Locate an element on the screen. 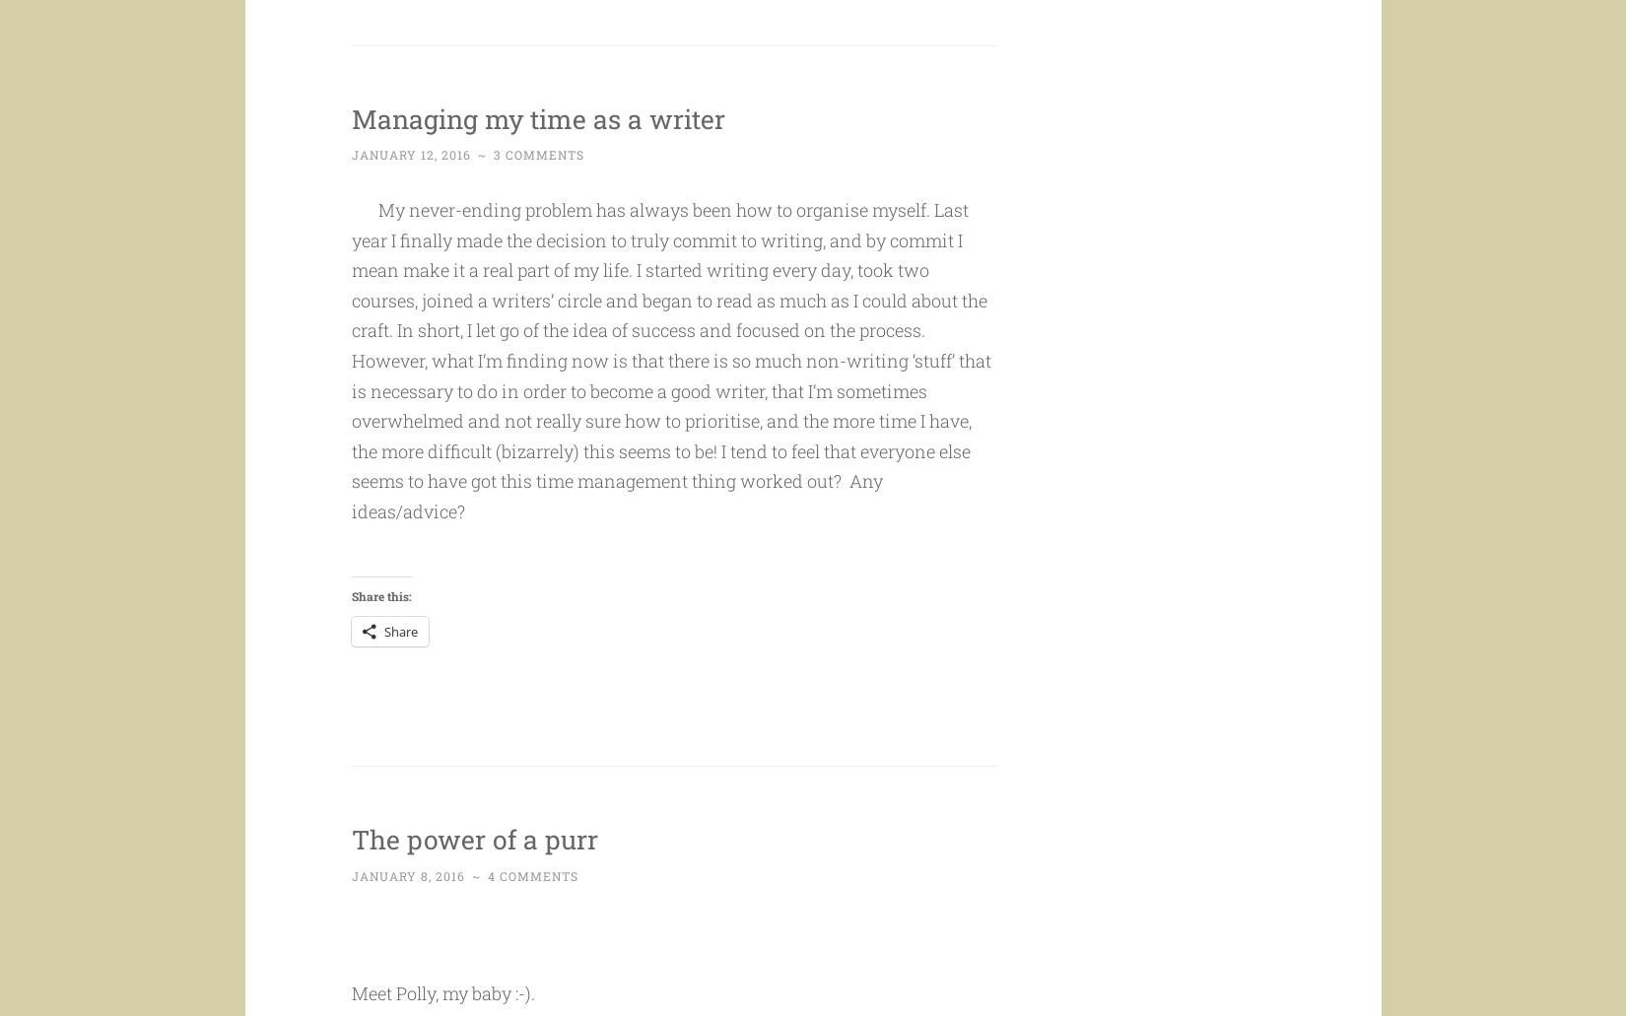 The width and height of the screenshot is (1626, 1016). '3 Comments' is located at coordinates (536, 191).